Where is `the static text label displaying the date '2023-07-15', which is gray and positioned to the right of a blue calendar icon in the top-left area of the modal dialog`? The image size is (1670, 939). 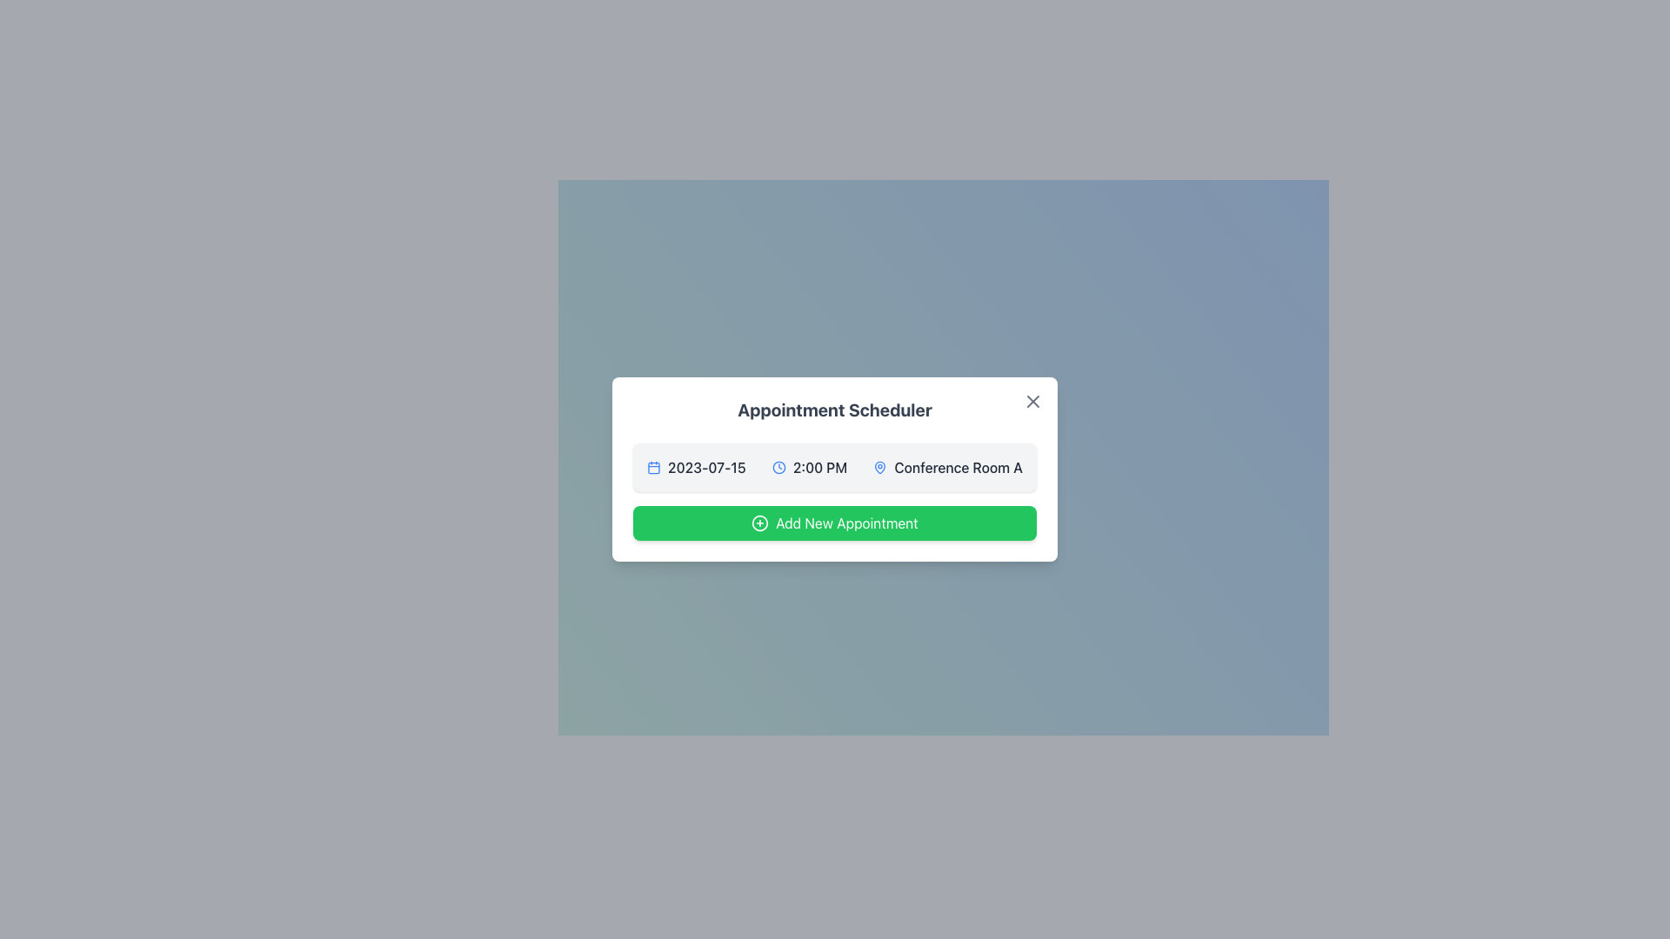 the static text label displaying the date '2023-07-15', which is gray and positioned to the right of a blue calendar icon in the top-left area of the modal dialog is located at coordinates (706, 466).